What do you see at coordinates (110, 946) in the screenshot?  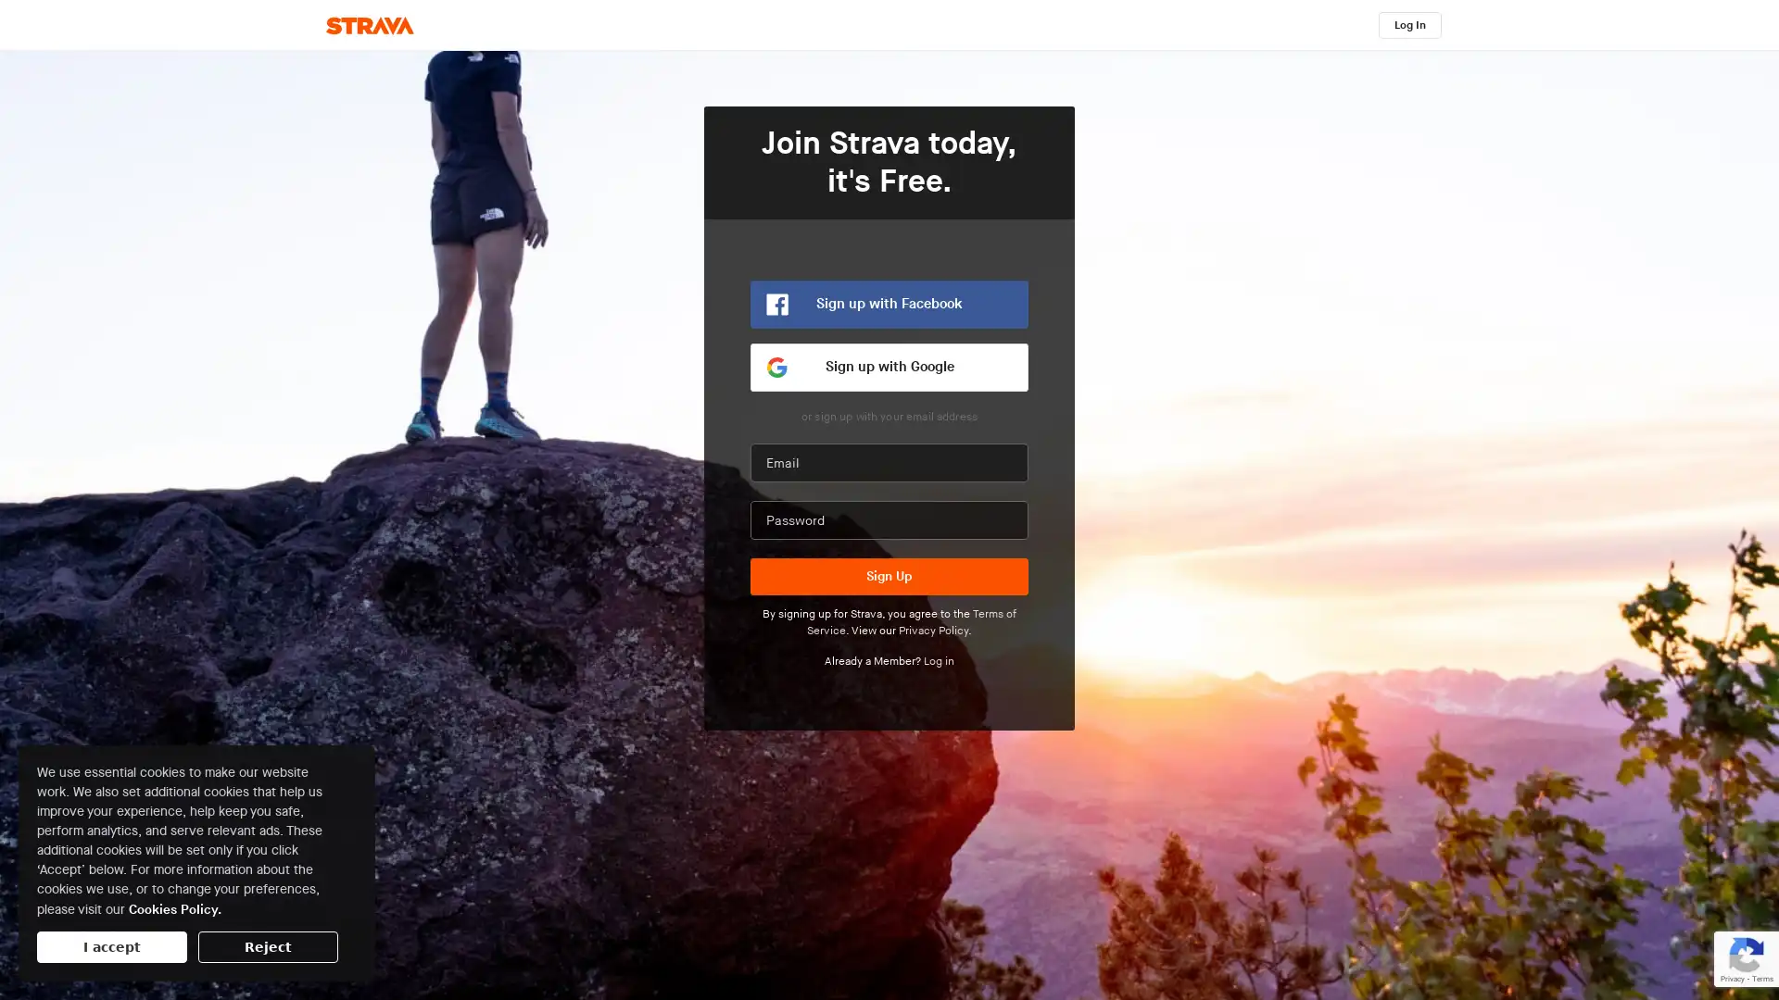 I see `I accept` at bounding box center [110, 946].